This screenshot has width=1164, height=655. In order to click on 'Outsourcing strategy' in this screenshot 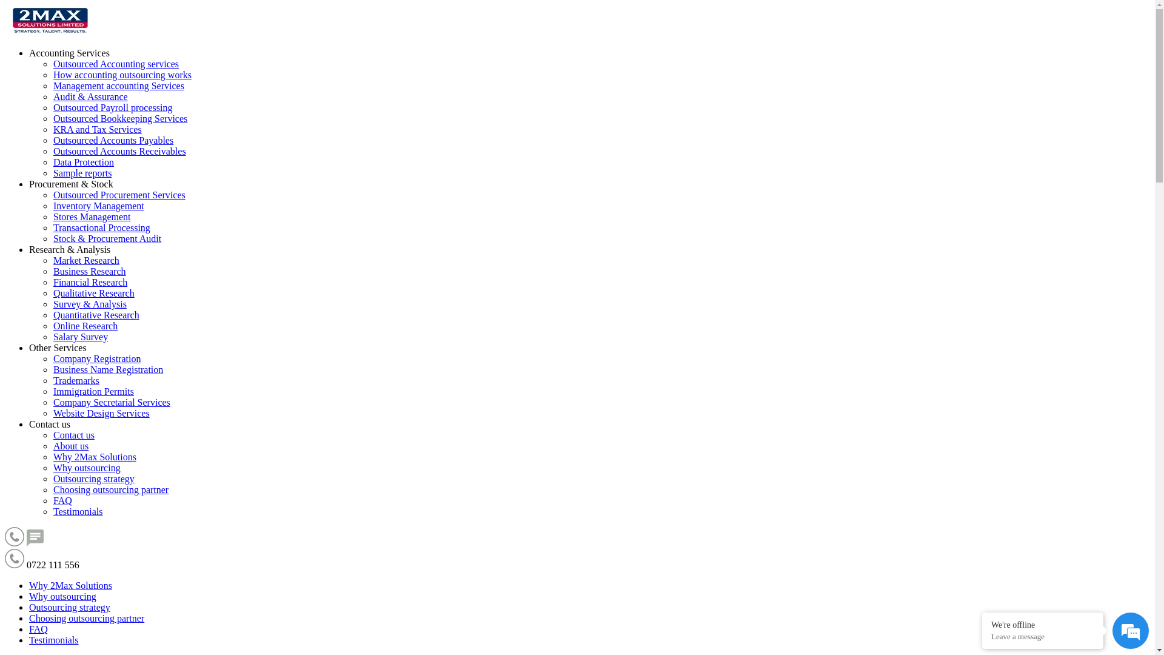, I will do `click(69, 607)`.